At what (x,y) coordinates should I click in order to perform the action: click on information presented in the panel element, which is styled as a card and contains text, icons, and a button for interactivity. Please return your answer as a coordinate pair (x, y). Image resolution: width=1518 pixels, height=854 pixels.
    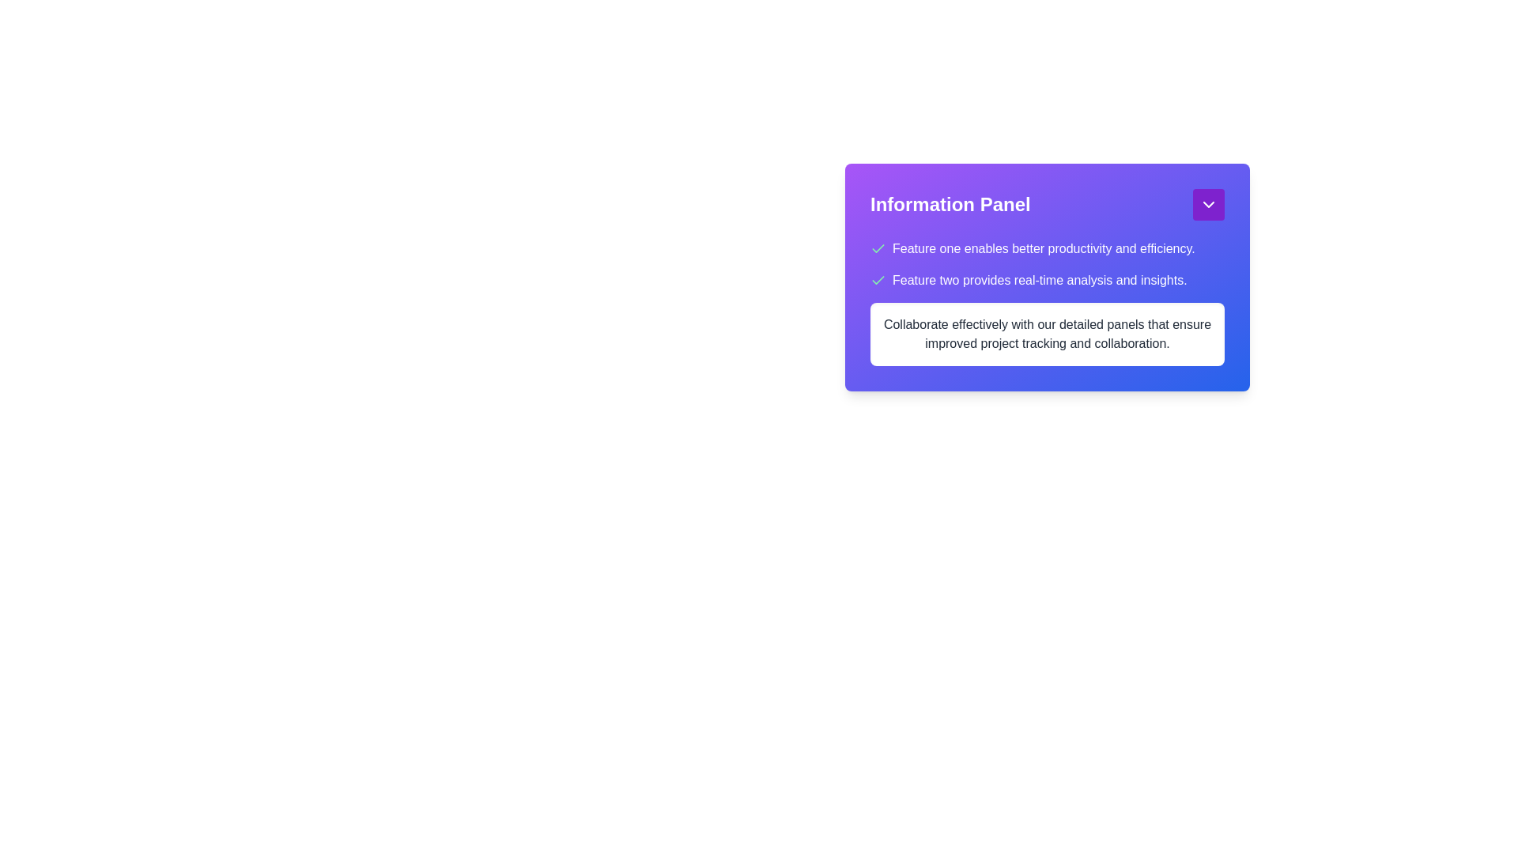
    Looking at the image, I should click on (1047, 292).